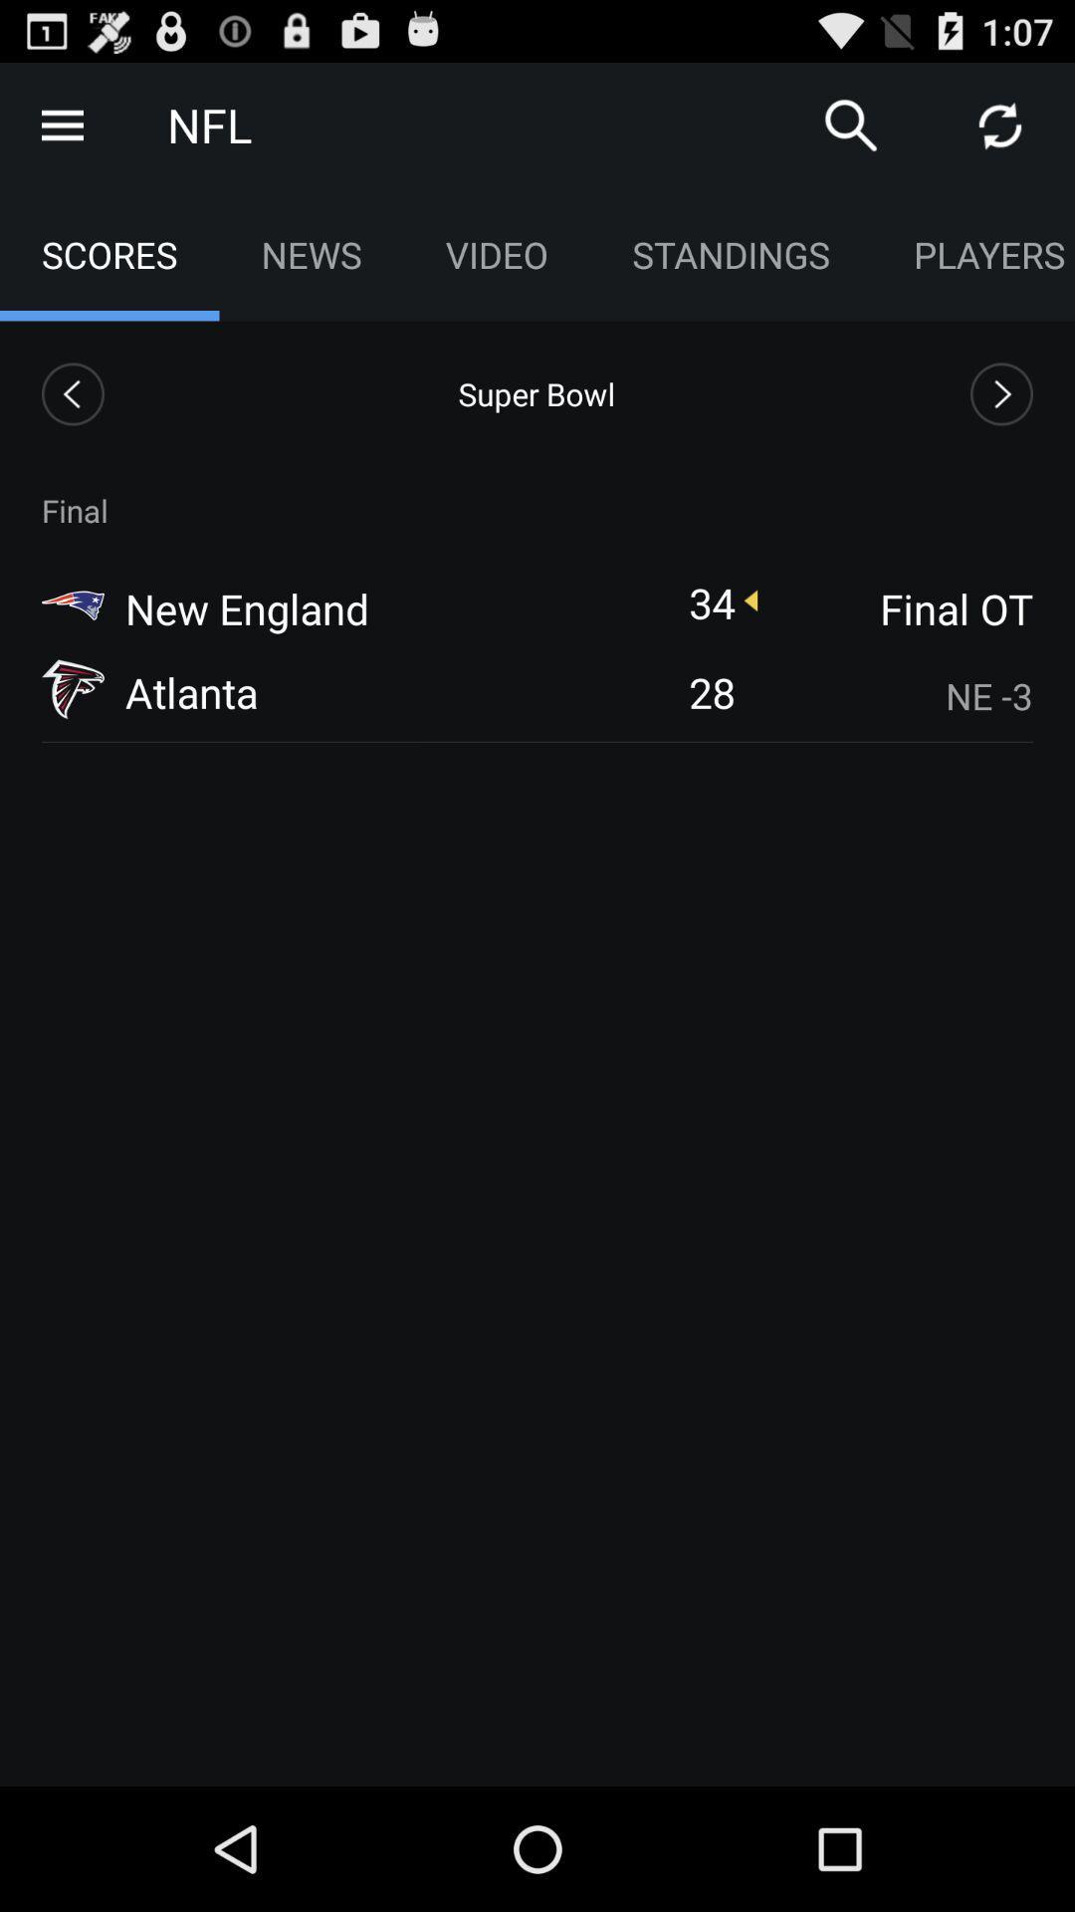 The image size is (1075, 1912). What do you see at coordinates (61, 123) in the screenshot?
I see `drop down main menu` at bounding box center [61, 123].